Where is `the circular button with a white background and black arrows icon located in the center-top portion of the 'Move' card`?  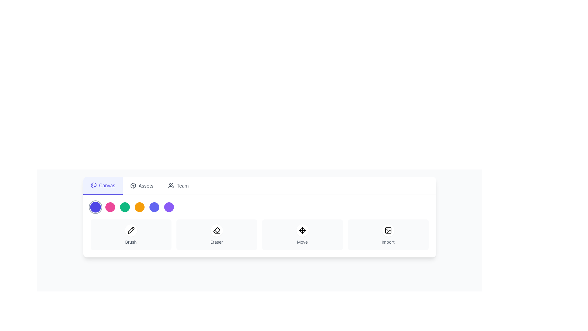 the circular button with a white background and black arrows icon located in the center-top portion of the 'Move' card is located at coordinates (302, 230).